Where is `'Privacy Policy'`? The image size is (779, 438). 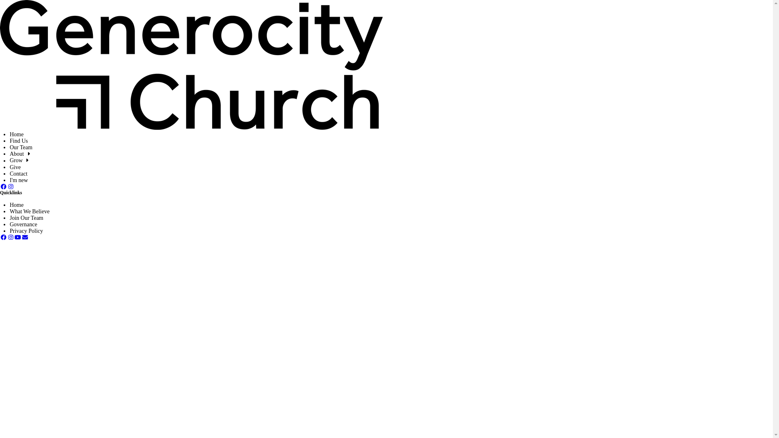
'Privacy Policy' is located at coordinates (26, 231).